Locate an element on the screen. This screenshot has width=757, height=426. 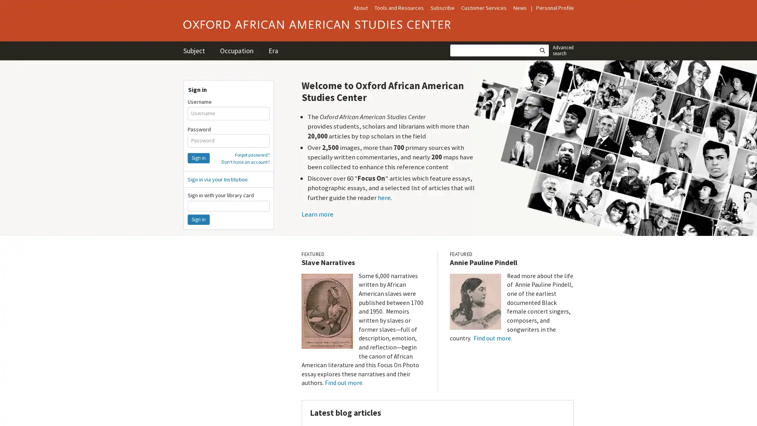
Sign in is located at coordinates (199, 158).